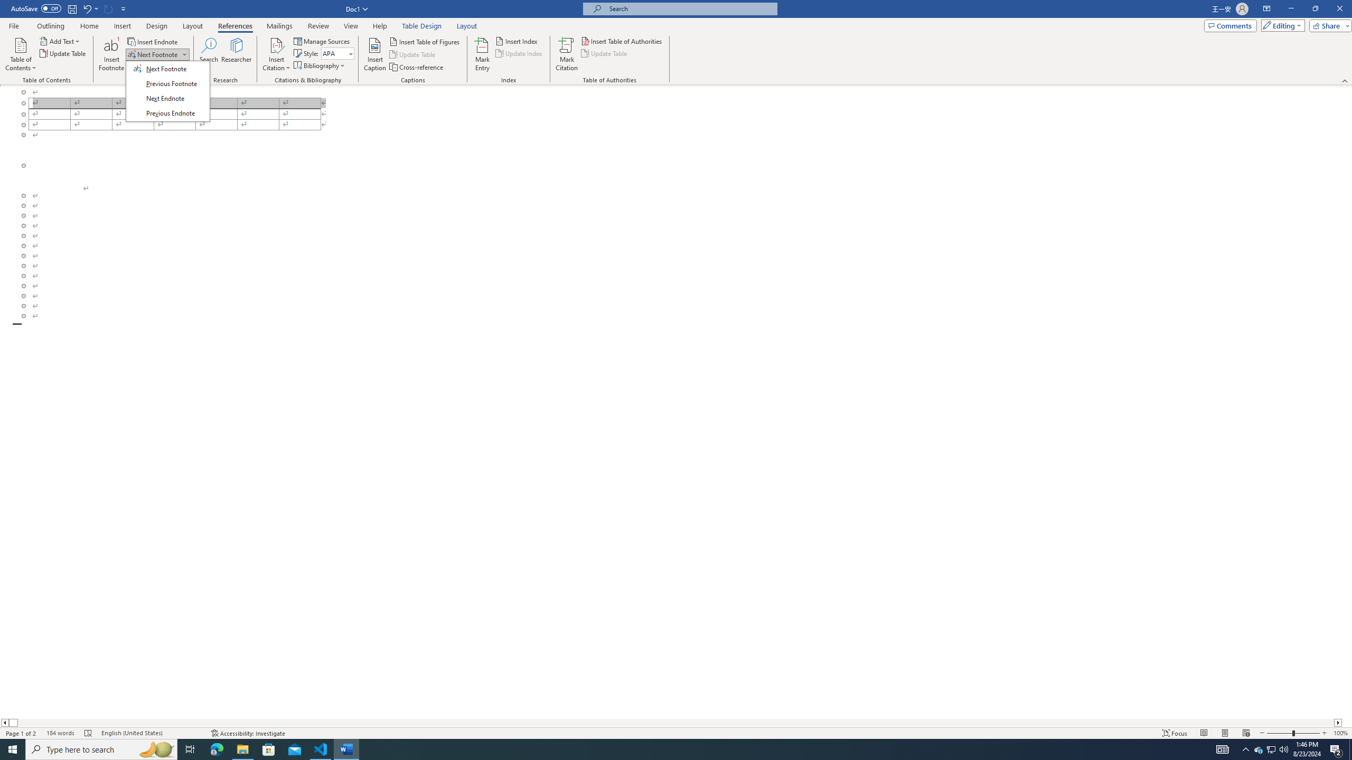  What do you see at coordinates (1336, 748) in the screenshot?
I see `'Action Center, 2 new notifications'` at bounding box center [1336, 748].